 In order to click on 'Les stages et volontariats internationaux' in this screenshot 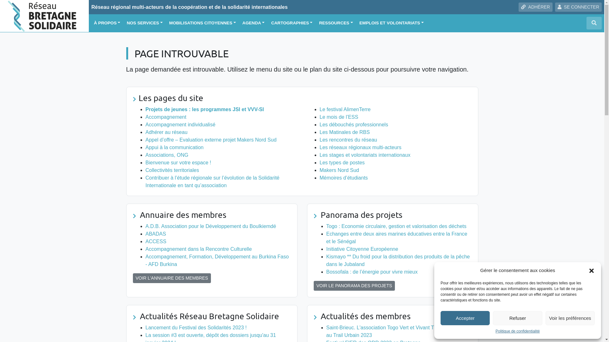, I will do `click(365, 155)`.